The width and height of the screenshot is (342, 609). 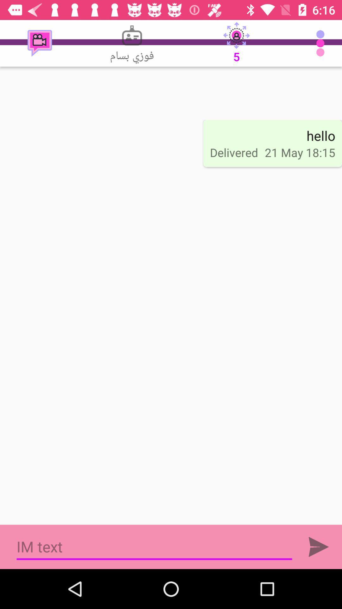 I want to click on type a text message, so click(x=154, y=547).